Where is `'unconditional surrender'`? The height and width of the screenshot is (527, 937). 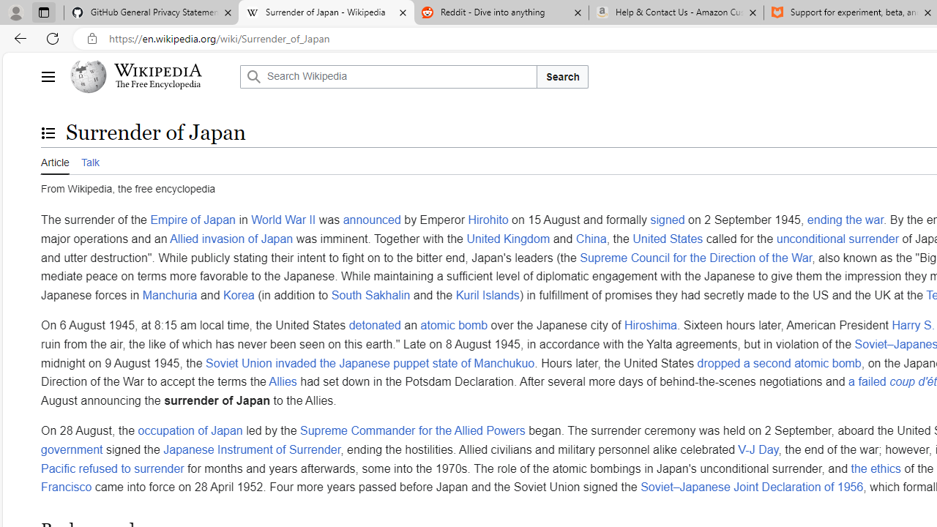
'unconditional surrender' is located at coordinates (837, 237).